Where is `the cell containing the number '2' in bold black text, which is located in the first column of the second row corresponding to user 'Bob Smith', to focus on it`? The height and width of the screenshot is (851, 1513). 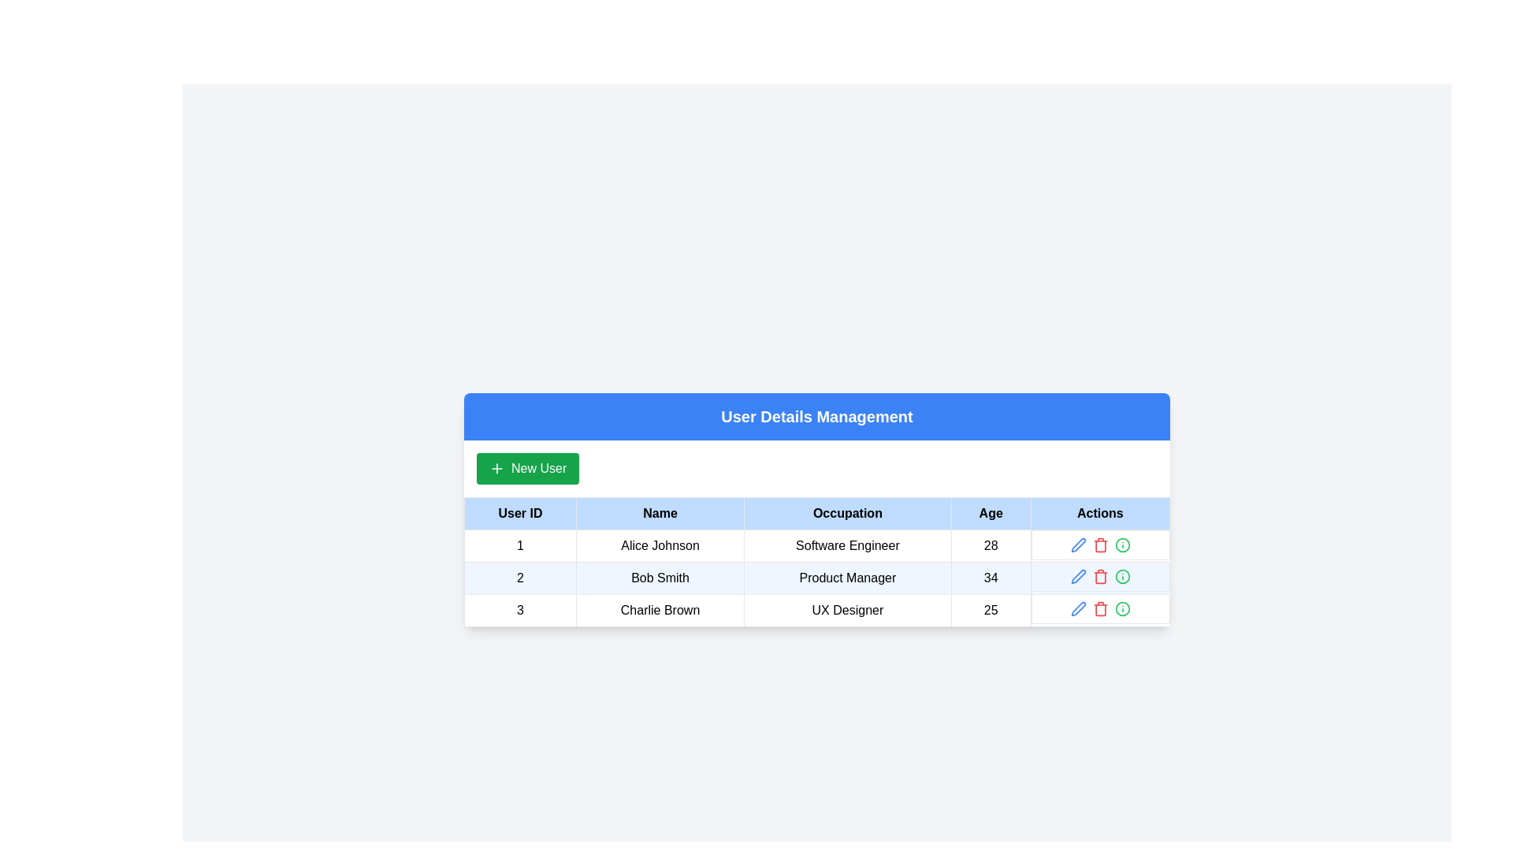 the cell containing the number '2' in bold black text, which is located in the first column of the second row corresponding to user 'Bob Smith', to focus on it is located at coordinates (520, 578).